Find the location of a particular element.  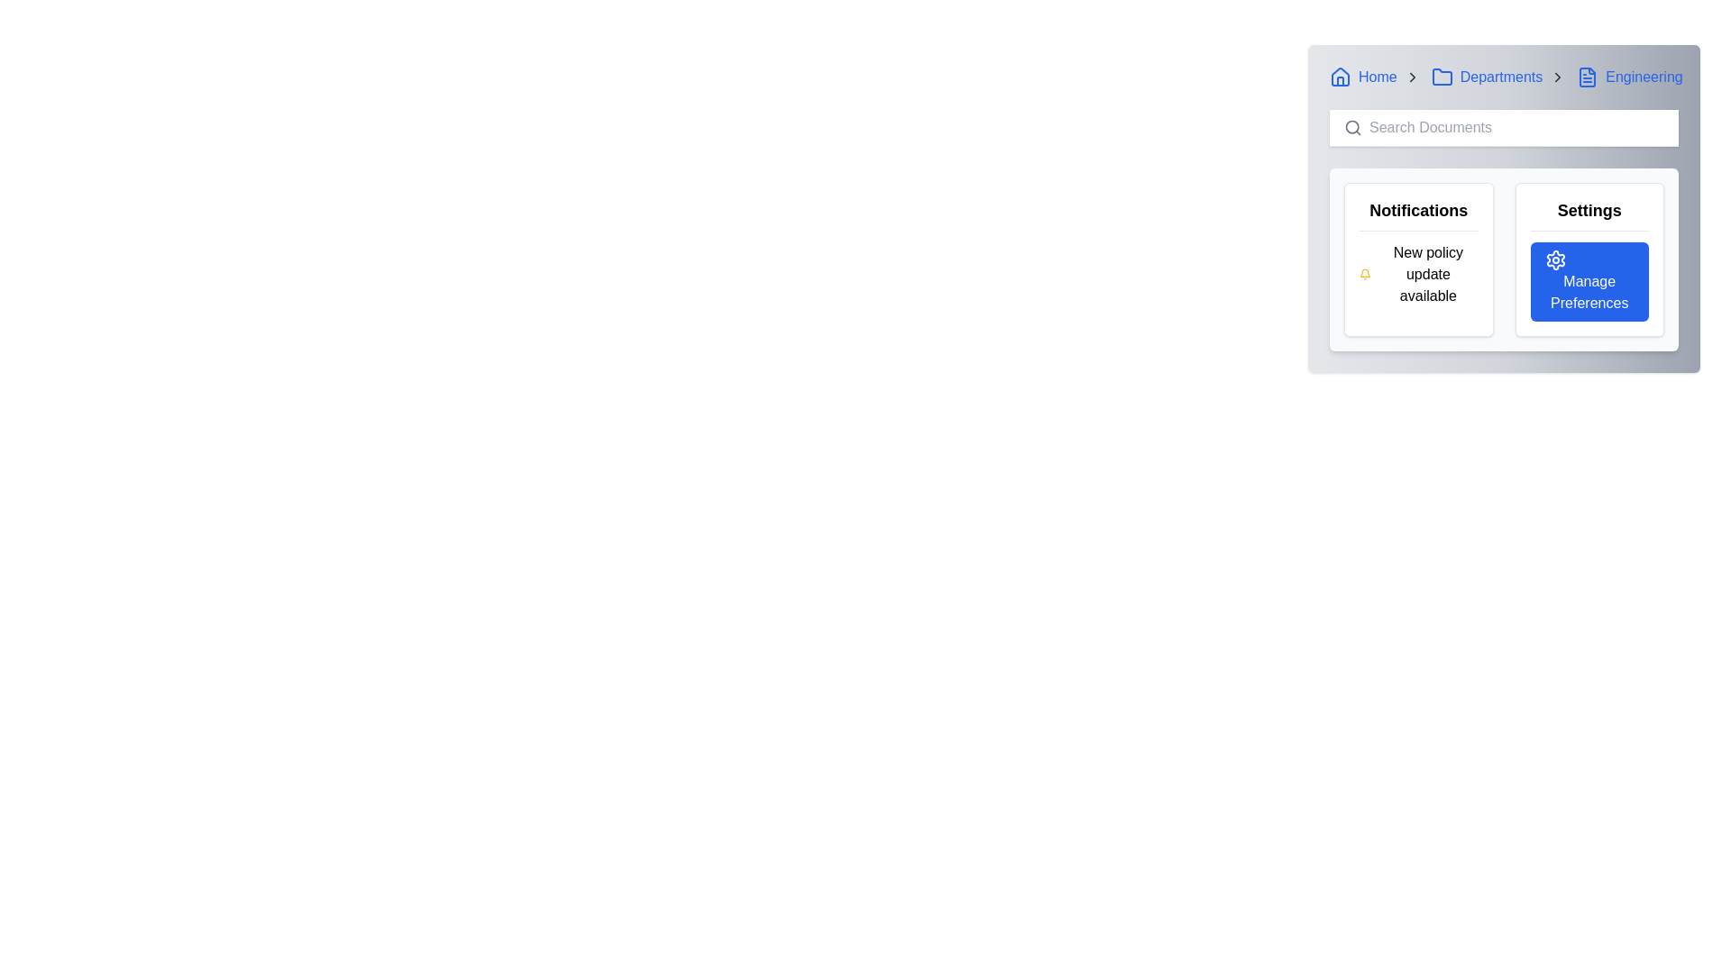

the 'Departments' icon in the navigation bar, which is a visual representation aiding users in locating the departments section is located at coordinates (1441, 76).